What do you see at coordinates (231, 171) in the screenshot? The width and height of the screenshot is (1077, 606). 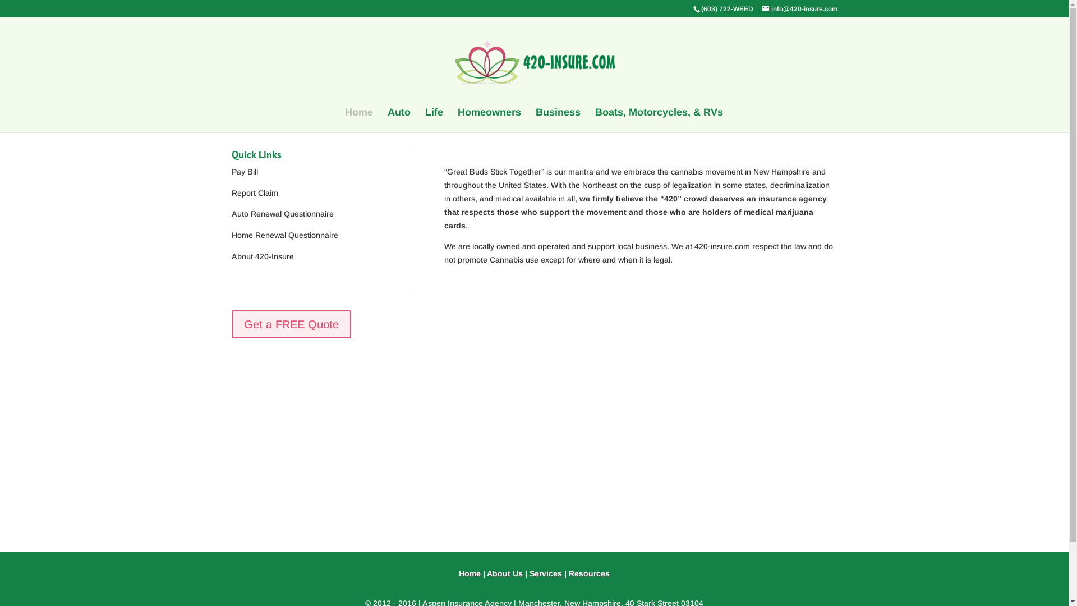 I see `'Pay Bill'` at bounding box center [231, 171].